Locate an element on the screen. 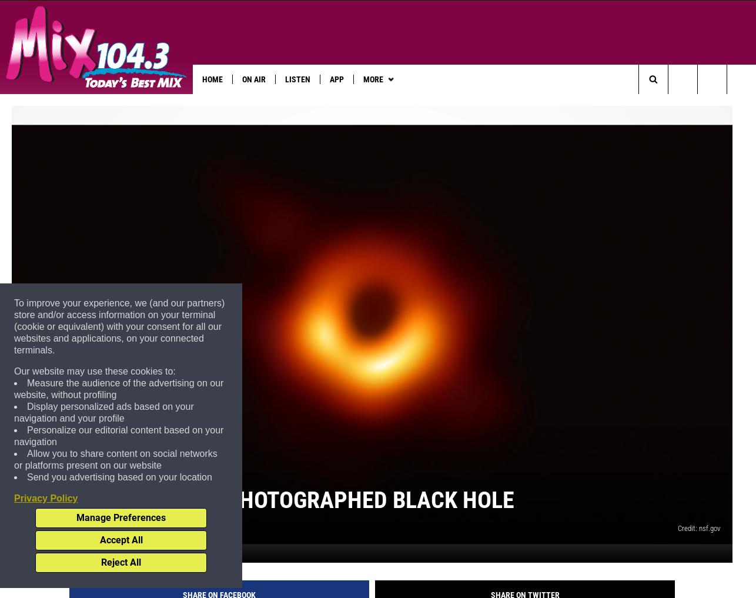 The height and width of the screenshot is (598, 756). 'See the First Ever Photographed Black Hole' is located at coordinates (23, 519).